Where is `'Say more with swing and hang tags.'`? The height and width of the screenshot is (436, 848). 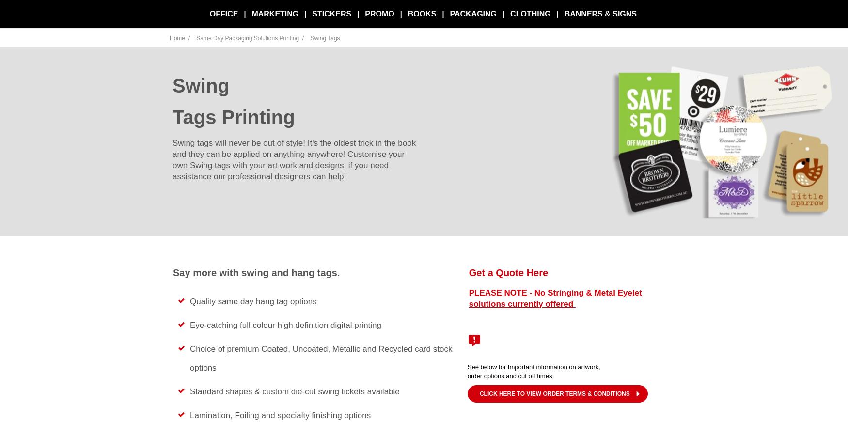
'Say more with swing and hang tags.' is located at coordinates (257, 271).